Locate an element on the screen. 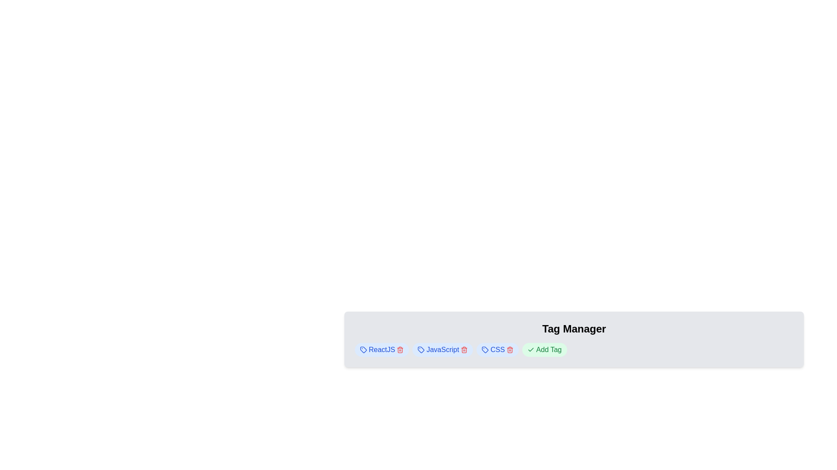 The height and width of the screenshot is (470, 837). the delete icon button located at the end of the 'CSS' tag is located at coordinates (510, 349).